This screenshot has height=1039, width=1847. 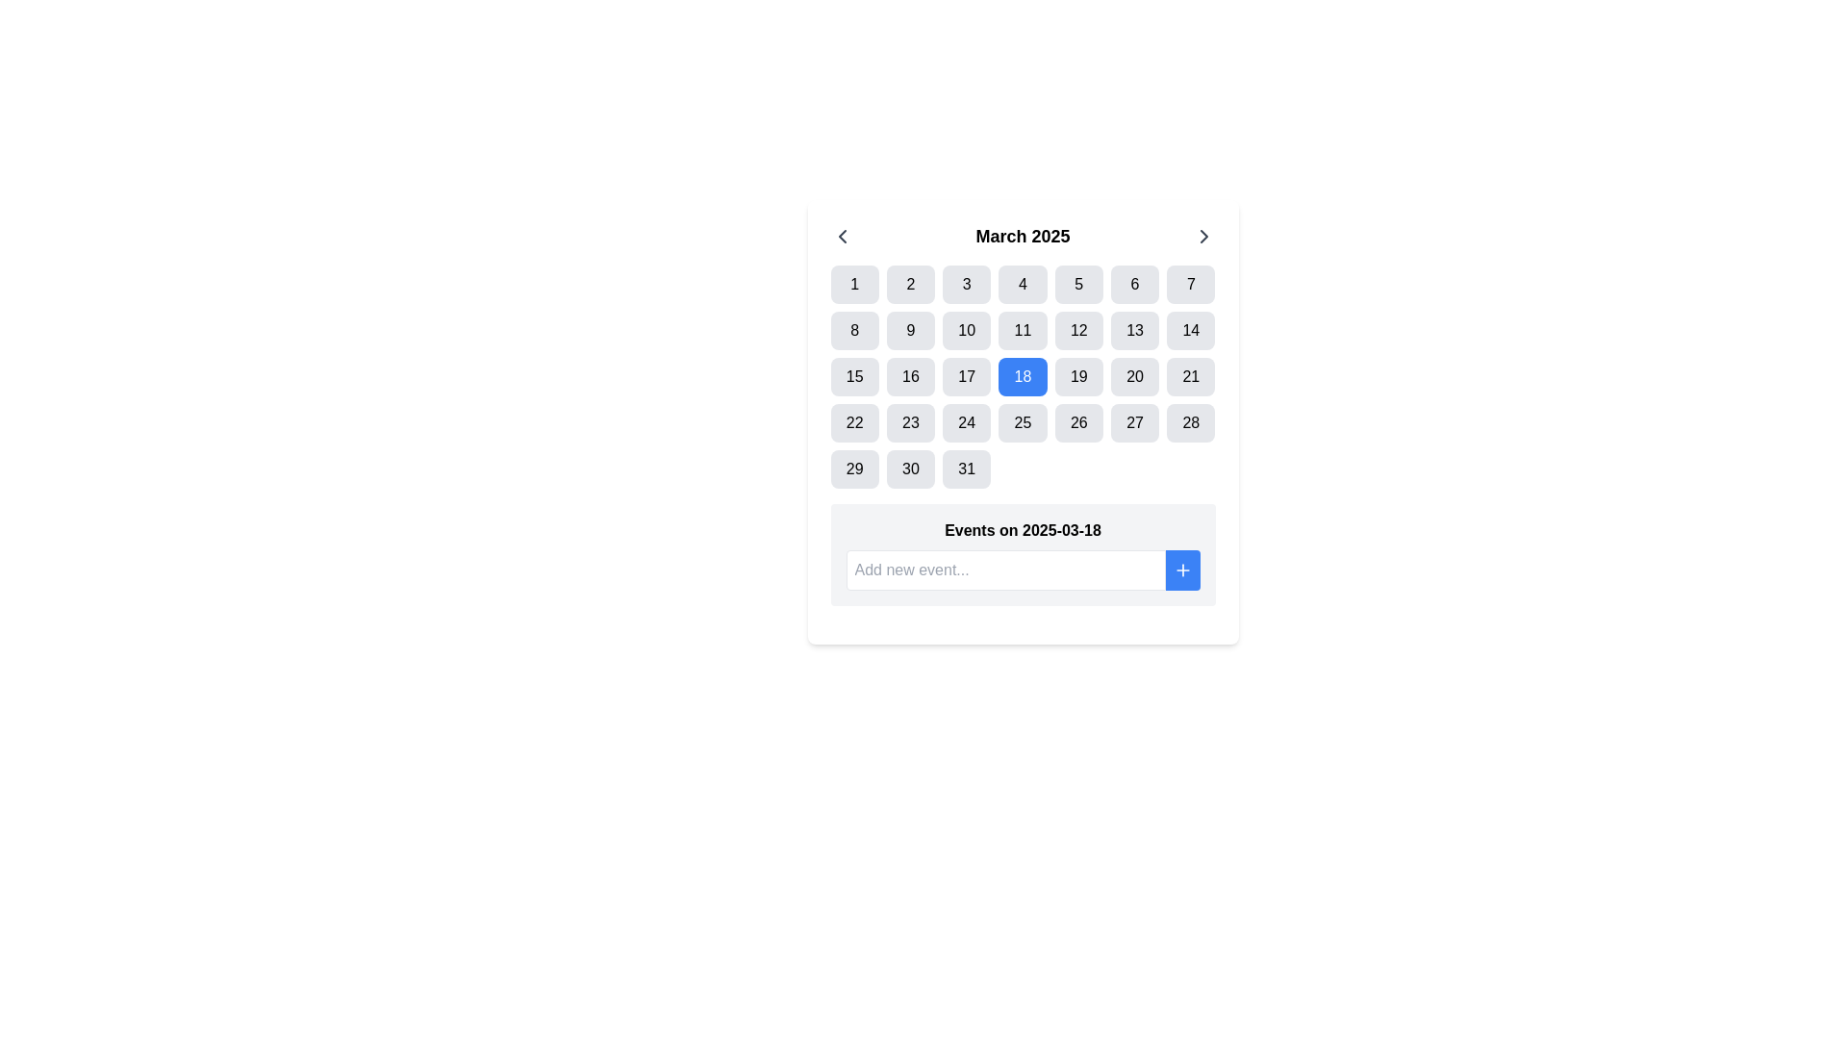 I want to click on the square button labeled '16', so click(x=909, y=377).